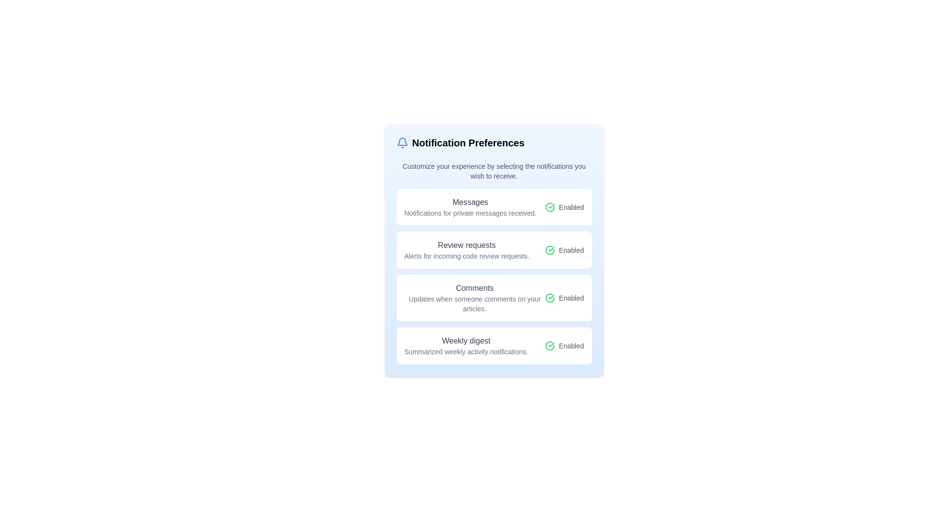 The width and height of the screenshot is (938, 527). I want to click on the activation status of the Status indicator with a checkmark icon and the text 'Enabled' located at the right end of the notification preference item labeled 'Comments', so click(564, 297).